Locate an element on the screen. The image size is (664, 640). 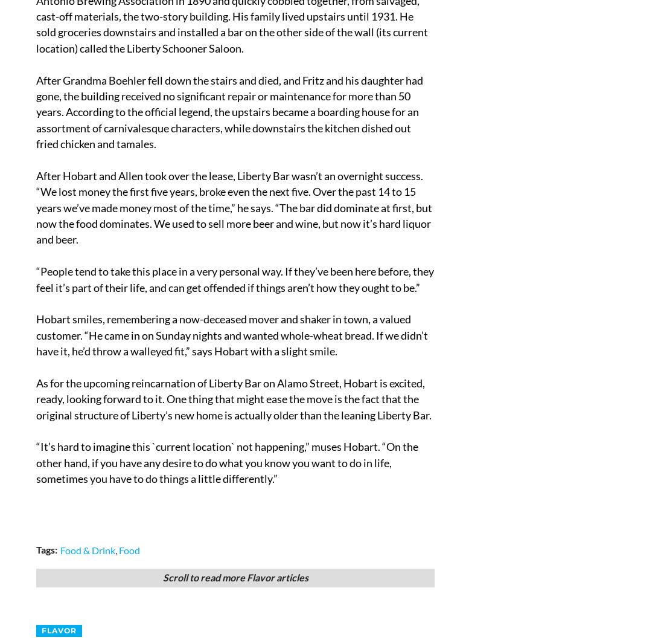
'Food & Drink' is located at coordinates (87, 549).